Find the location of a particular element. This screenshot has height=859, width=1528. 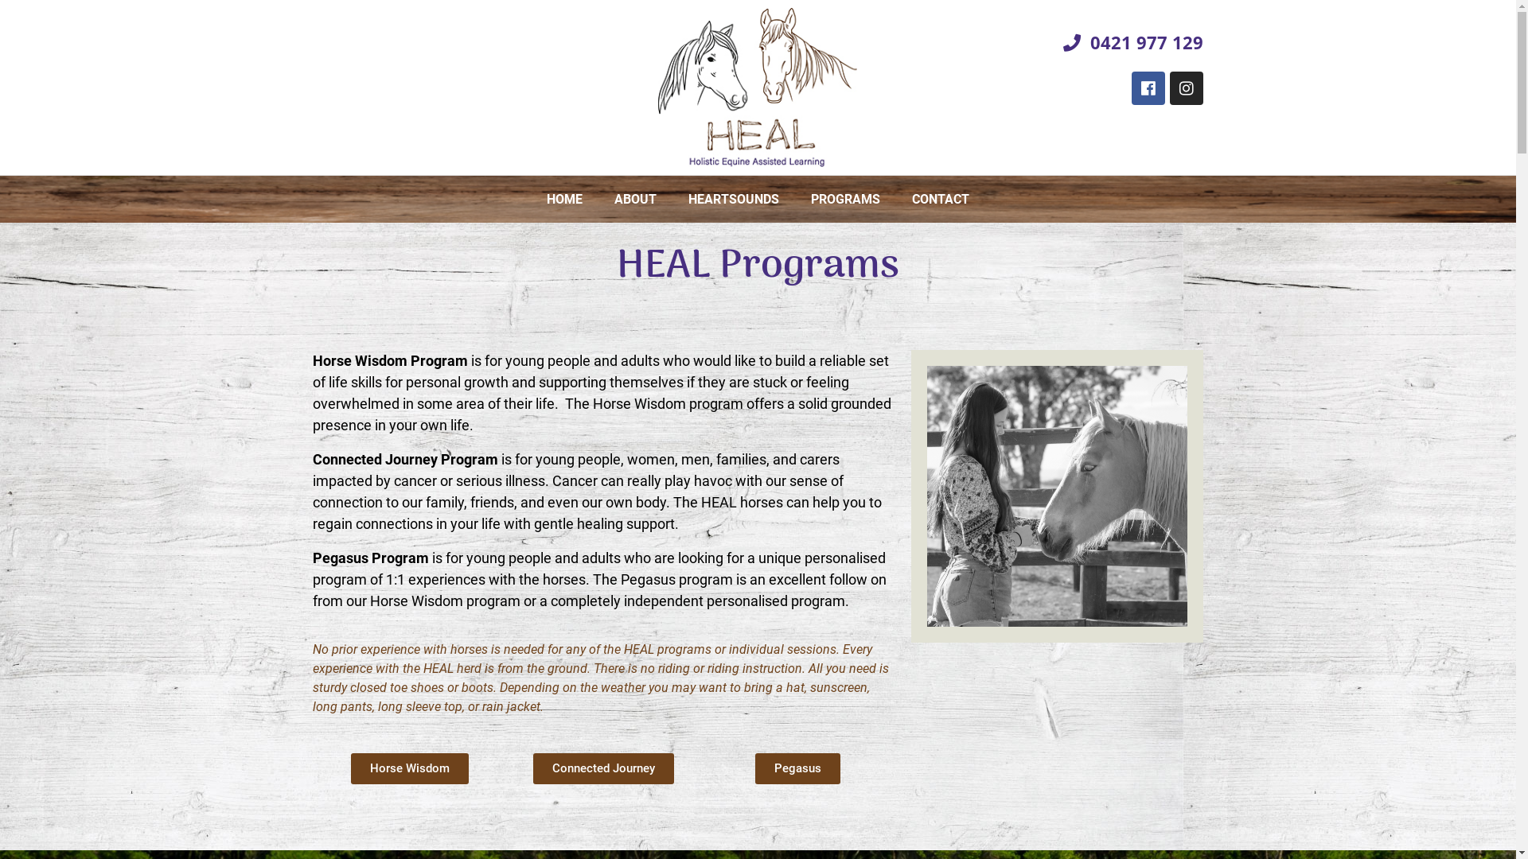

'PROGRAMS' is located at coordinates (844, 198).